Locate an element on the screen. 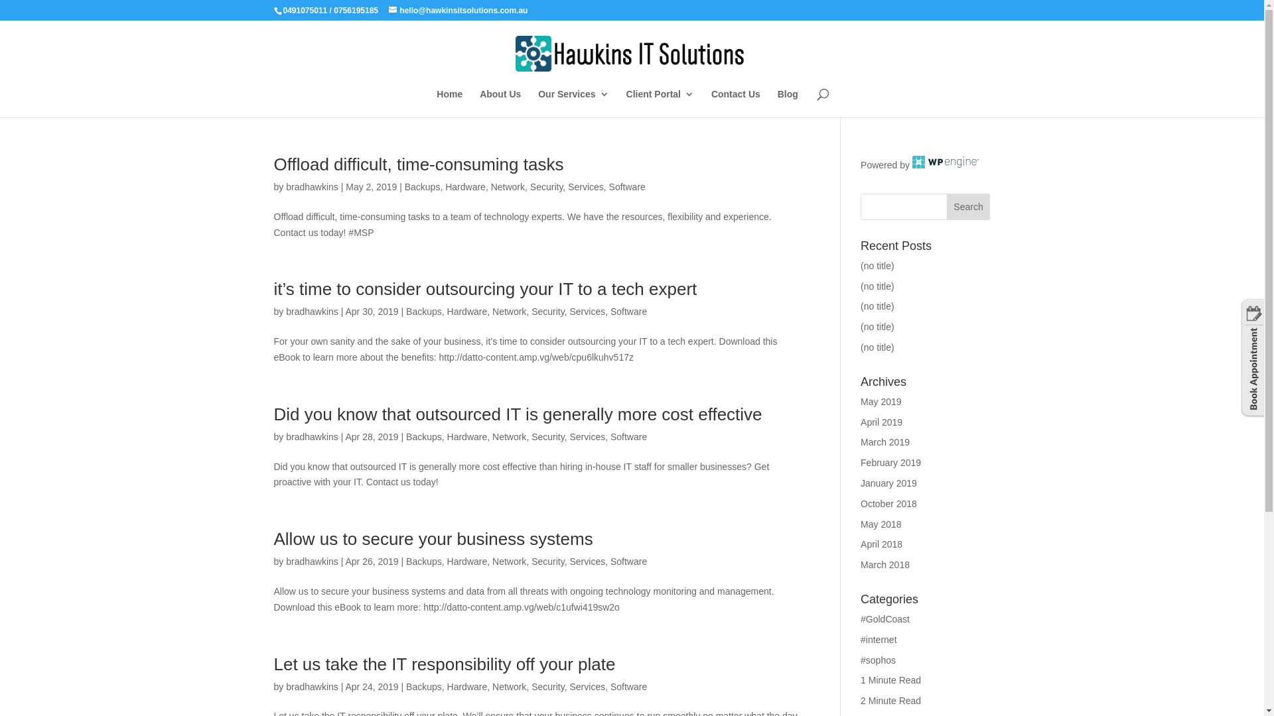 The height and width of the screenshot is (716, 1274). 'March 2018' is located at coordinates (885, 565).